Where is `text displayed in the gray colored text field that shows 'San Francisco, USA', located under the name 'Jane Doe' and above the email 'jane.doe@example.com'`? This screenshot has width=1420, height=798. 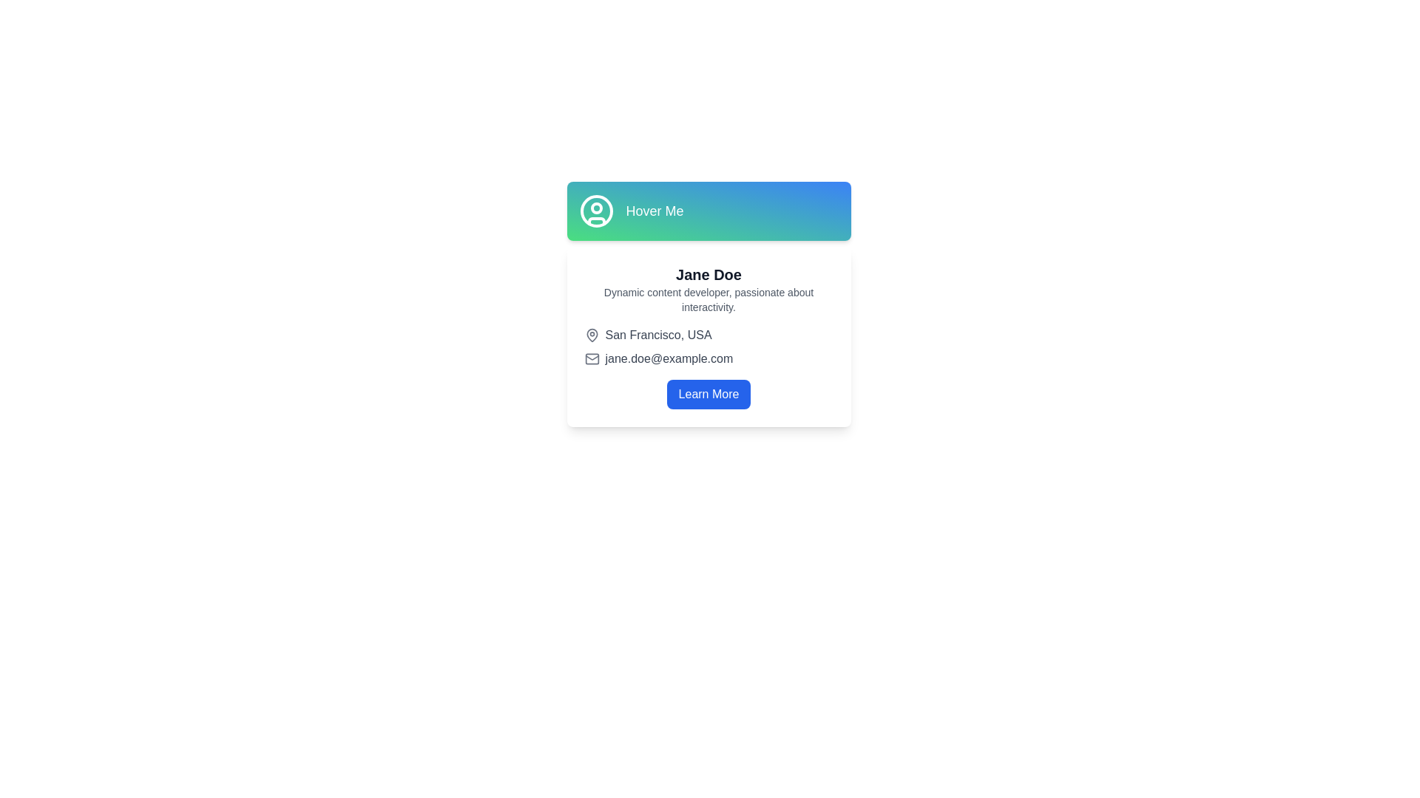
text displayed in the gray colored text field that shows 'San Francisco, USA', located under the name 'Jane Doe' and above the email 'jane.doe@example.com' is located at coordinates (657, 335).